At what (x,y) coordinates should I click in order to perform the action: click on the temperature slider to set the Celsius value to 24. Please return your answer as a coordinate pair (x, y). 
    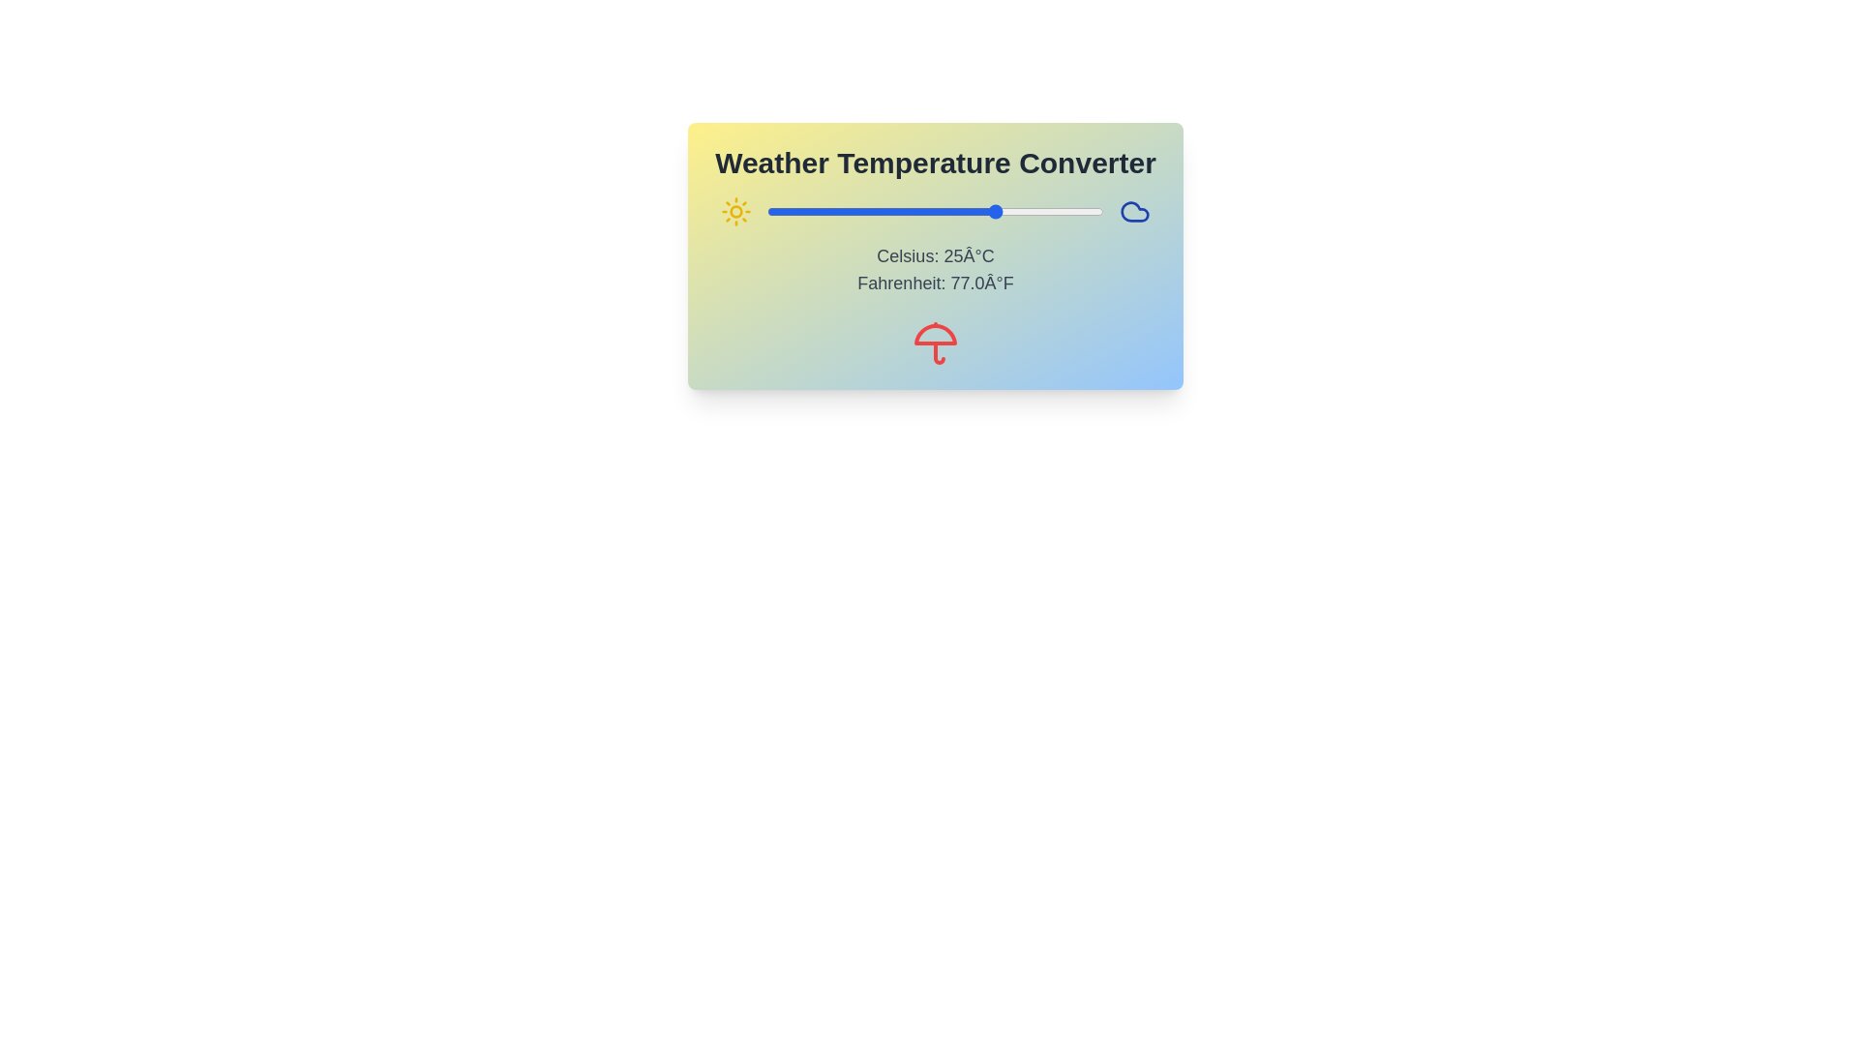
    Looking at the image, I should click on (994, 212).